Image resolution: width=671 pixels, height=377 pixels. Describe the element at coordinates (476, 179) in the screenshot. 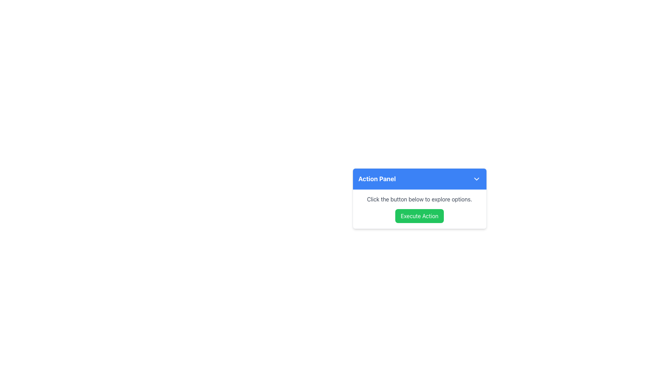

I see `the downward-pointed chevron icon button located at the top-right corner of the blue 'Action Panel'` at that location.